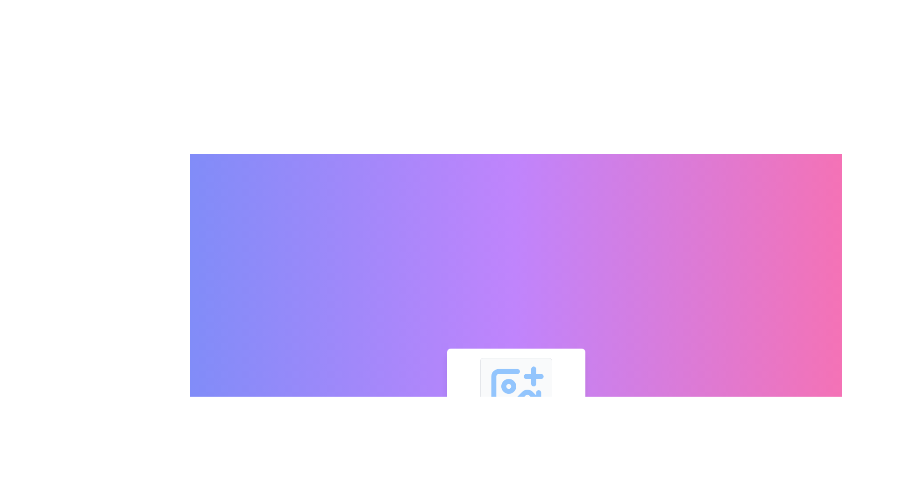  Describe the element at coordinates (515, 394) in the screenshot. I see `the rounded rectangular button with a blue image thumbnail icon` at that location.